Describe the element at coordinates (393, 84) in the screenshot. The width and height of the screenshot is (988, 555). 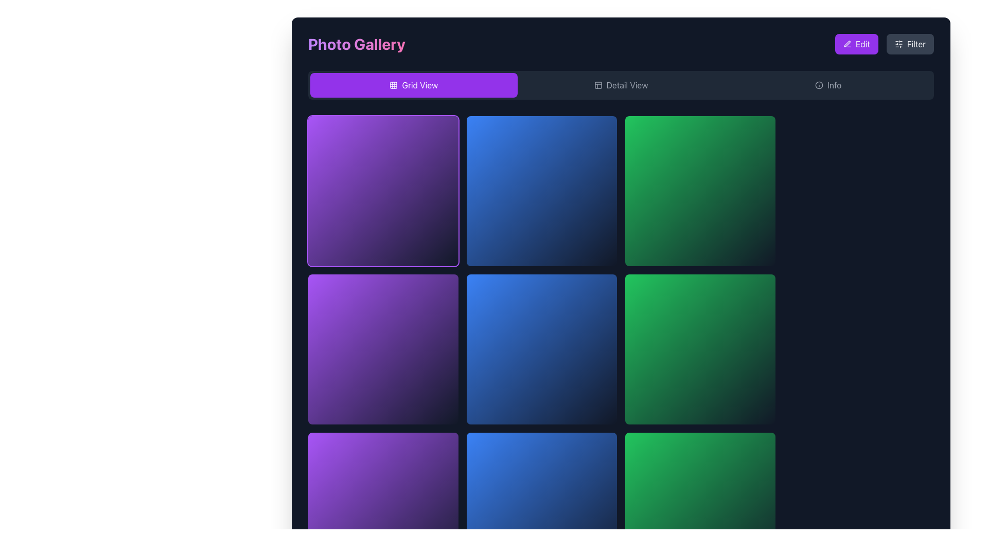
I see `the SVG graphical element located in the top-left corner of a 3x3 grid icon in the top bar of the interface, adjacent to a purple-highlighted button for grid view` at that location.